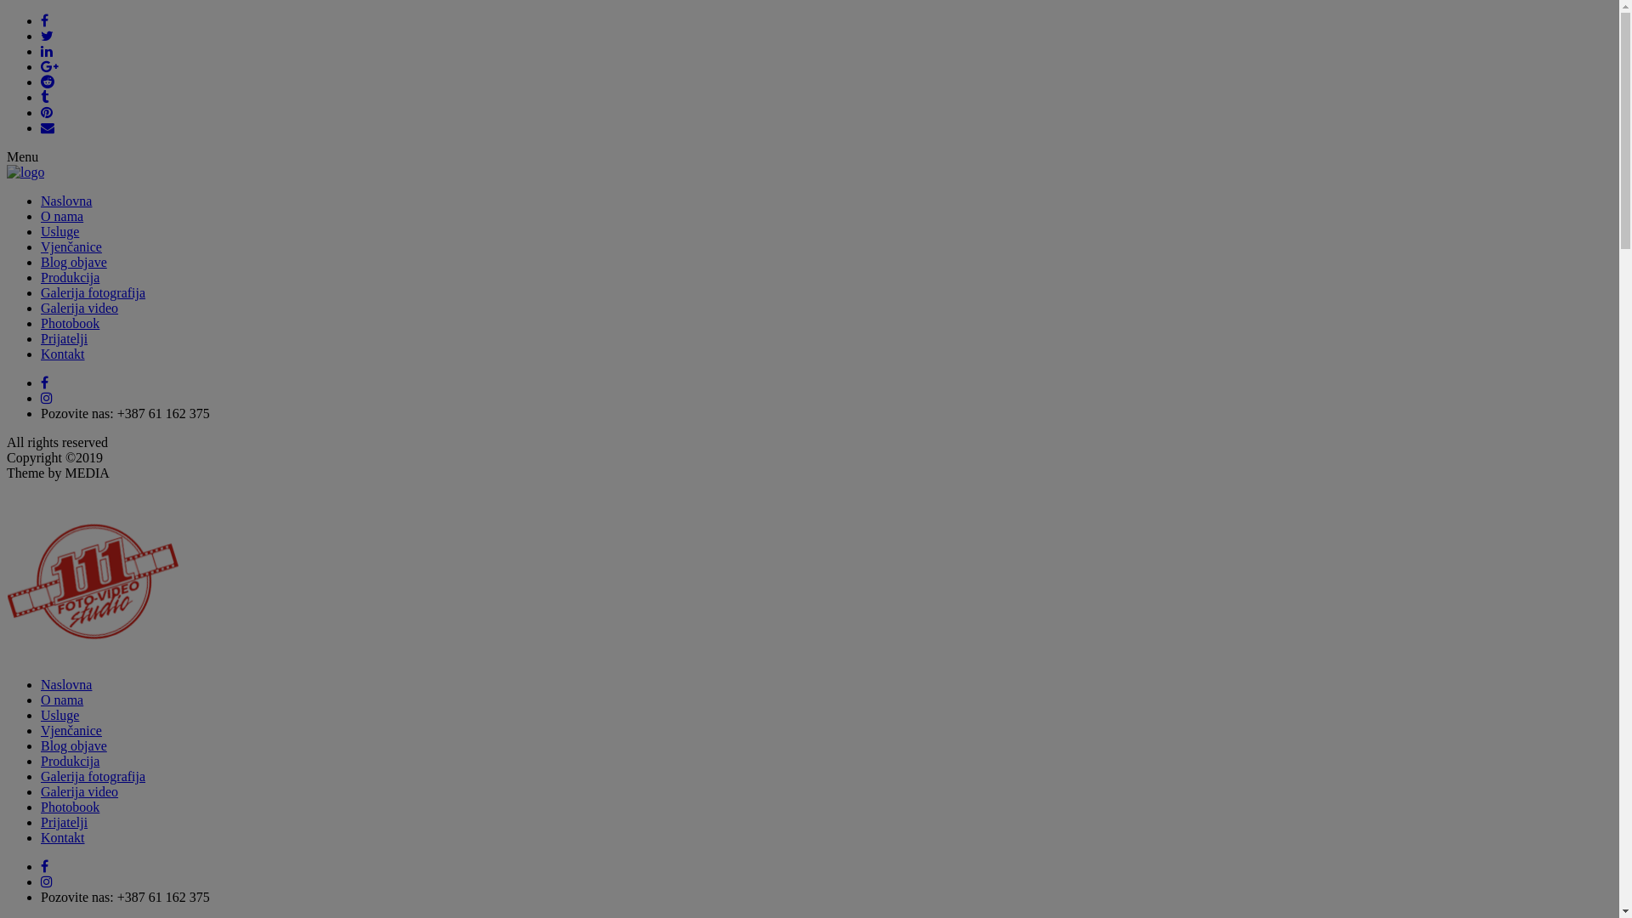 The image size is (1632, 918). I want to click on 'O nama', so click(61, 215).